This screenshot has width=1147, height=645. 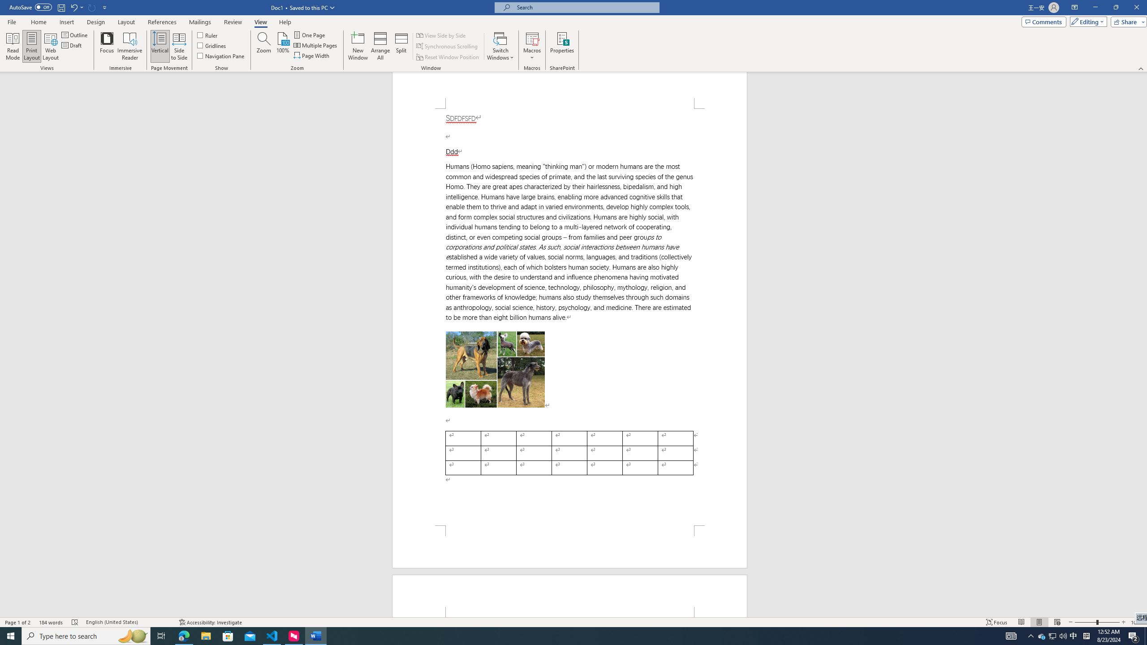 I want to click on 'Arrange All', so click(x=380, y=46).